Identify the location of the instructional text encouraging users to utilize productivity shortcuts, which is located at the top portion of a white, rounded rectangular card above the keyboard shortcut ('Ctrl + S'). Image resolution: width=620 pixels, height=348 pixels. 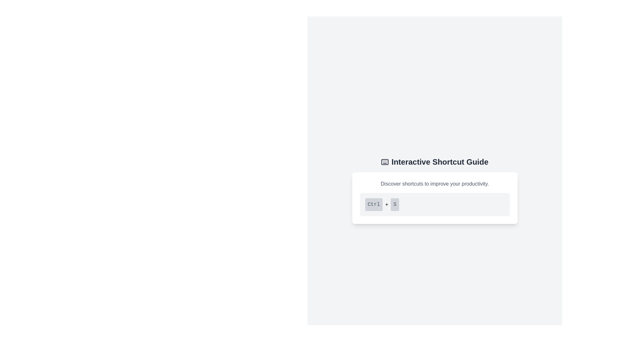
(435, 184).